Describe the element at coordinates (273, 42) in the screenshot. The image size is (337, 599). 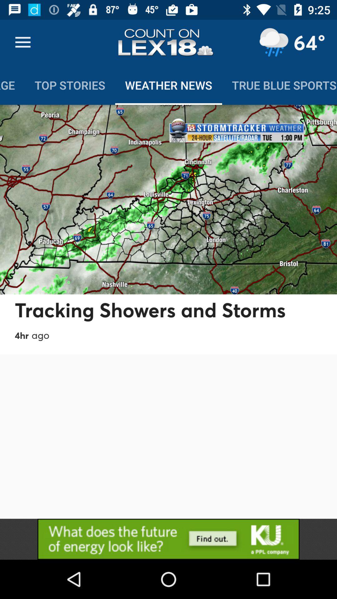
I see `show perception` at that location.